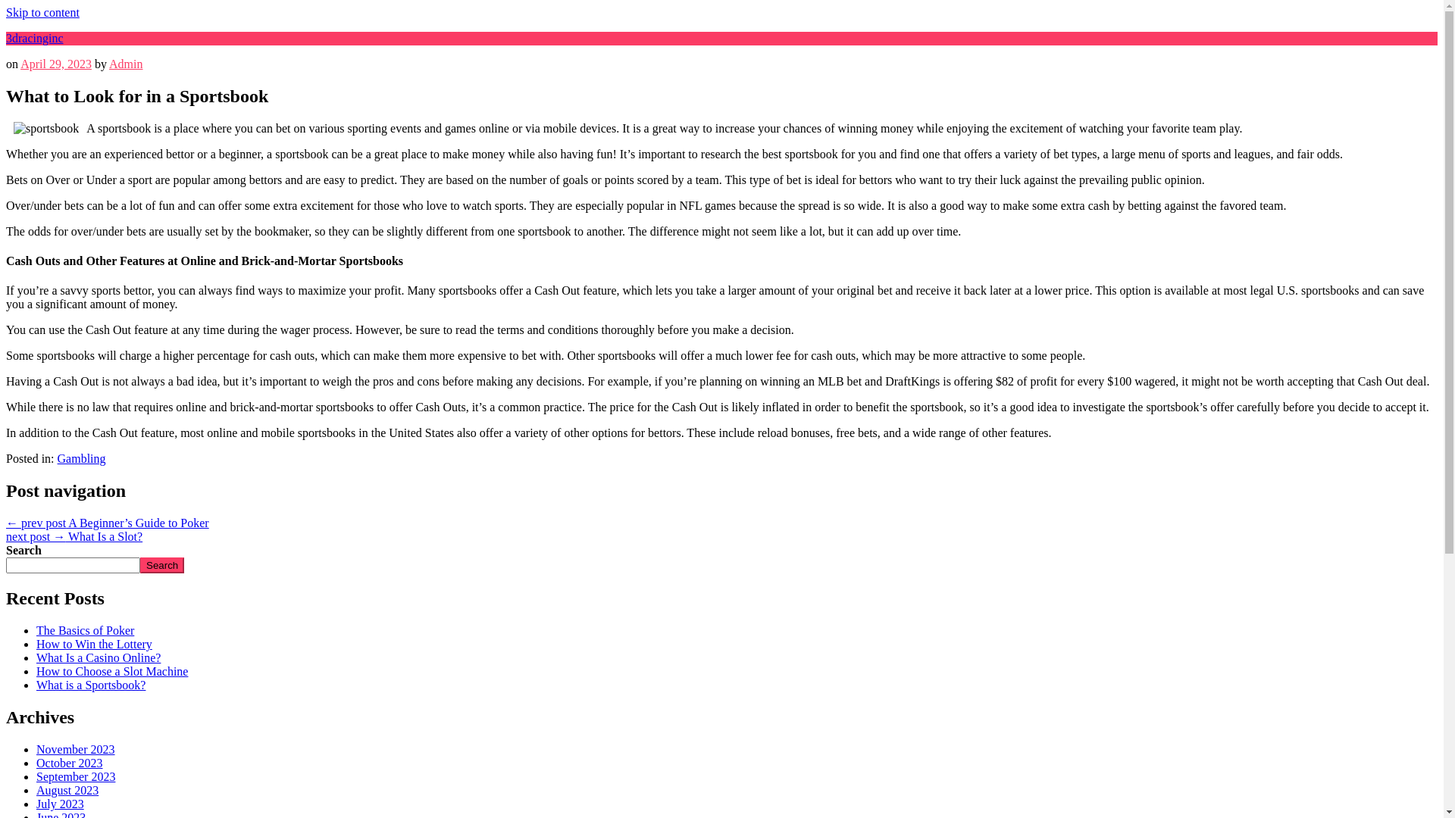  What do you see at coordinates (36, 748) in the screenshot?
I see `'November 2023'` at bounding box center [36, 748].